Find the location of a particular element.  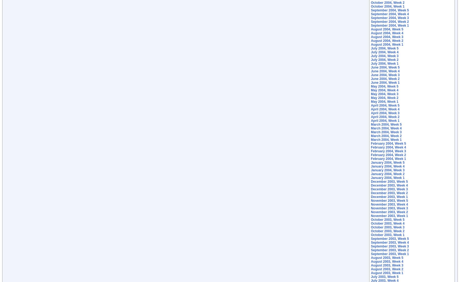

'January 2004, Week 2' is located at coordinates (387, 174).